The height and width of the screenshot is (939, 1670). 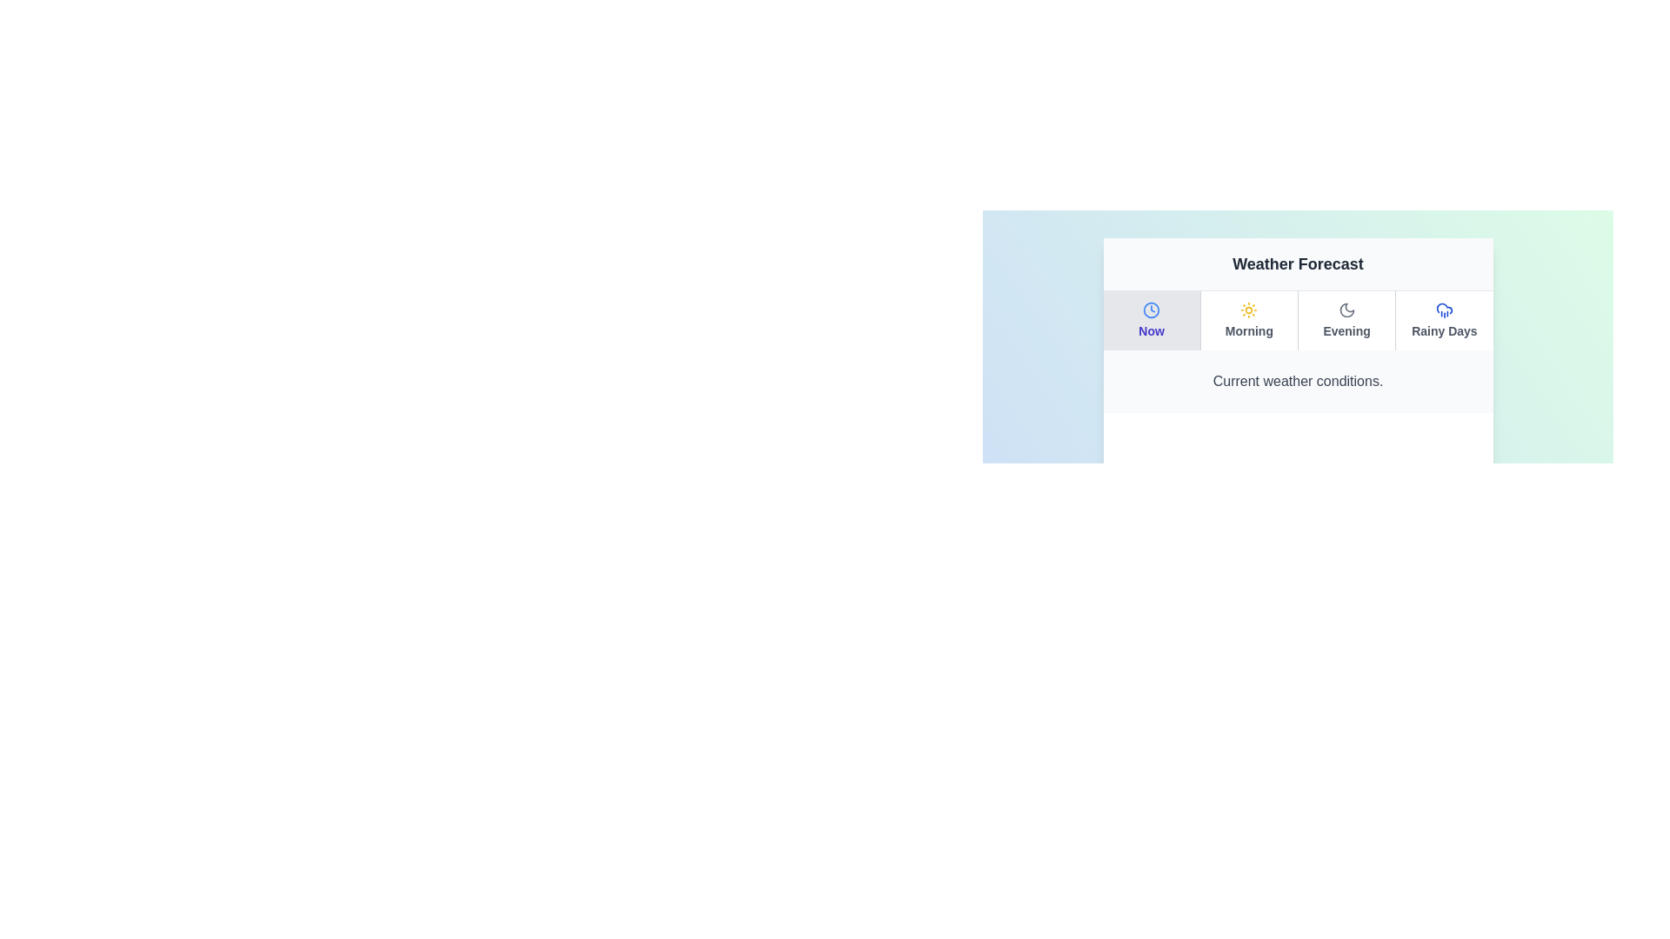 I want to click on the circular outline of the clock icon in the 'Now' section of the weather forecast interface, which is styled in blue, so click(x=1152, y=310).